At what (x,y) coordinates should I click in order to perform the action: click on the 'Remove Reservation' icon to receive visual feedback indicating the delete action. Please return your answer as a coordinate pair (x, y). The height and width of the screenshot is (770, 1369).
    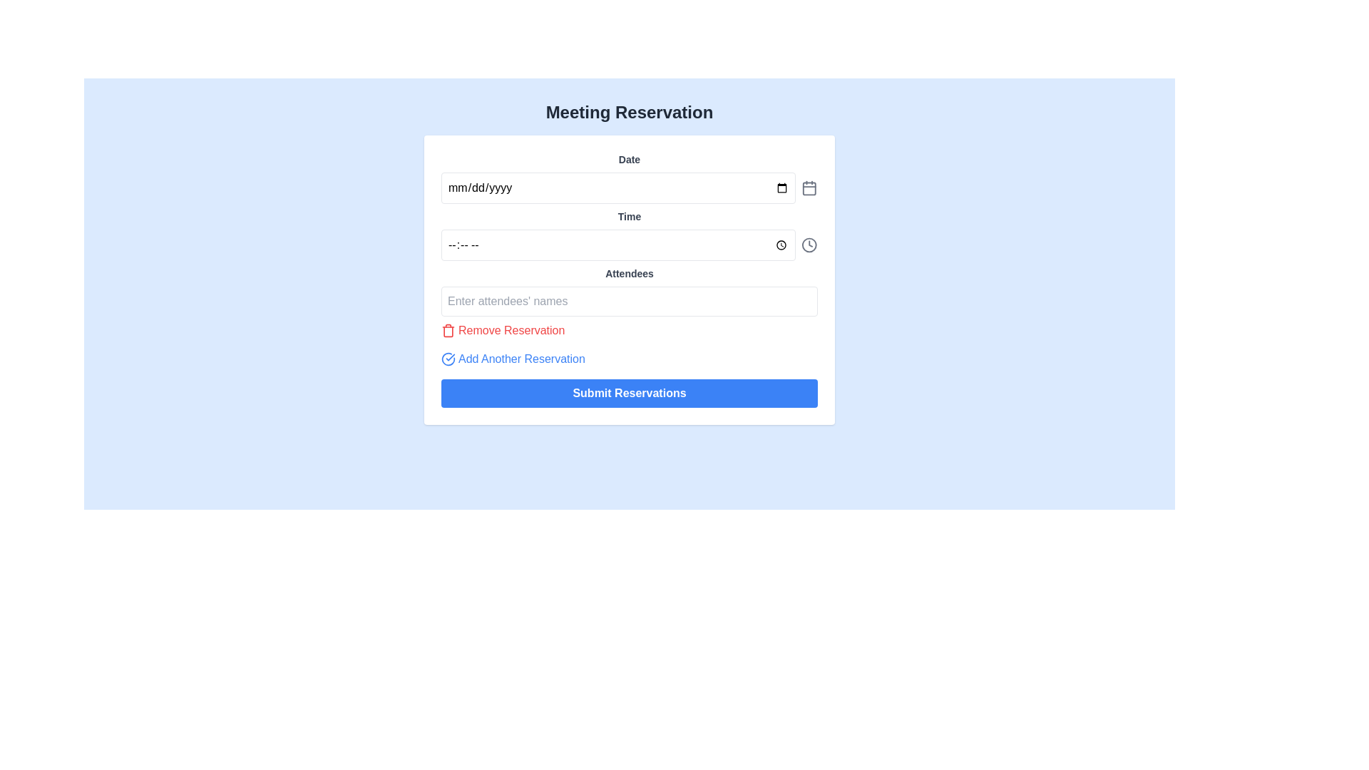
    Looking at the image, I should click on (447, 330).